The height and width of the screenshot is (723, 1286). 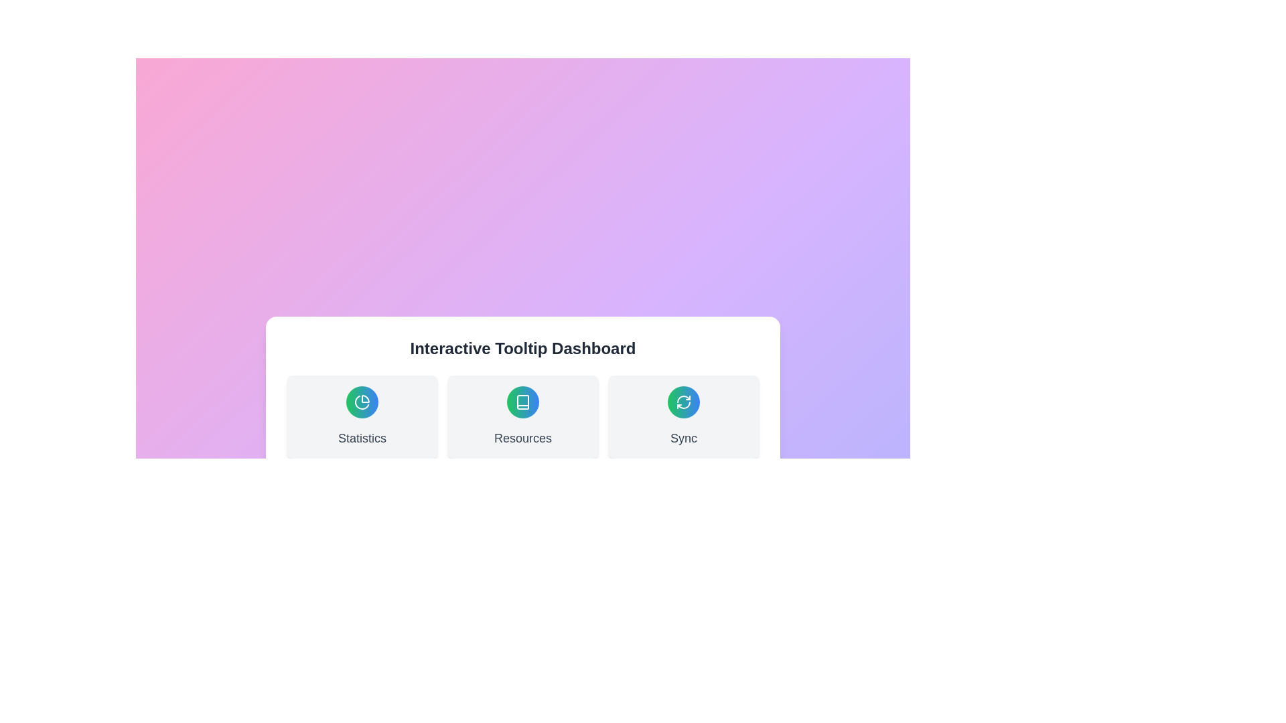 What do you see at coordinates (522, 402) in the screenshot?
I see `the decorative shape within the SVG-based book icon located in the center of the 'Resources' card` at bounding box center [522, 402].